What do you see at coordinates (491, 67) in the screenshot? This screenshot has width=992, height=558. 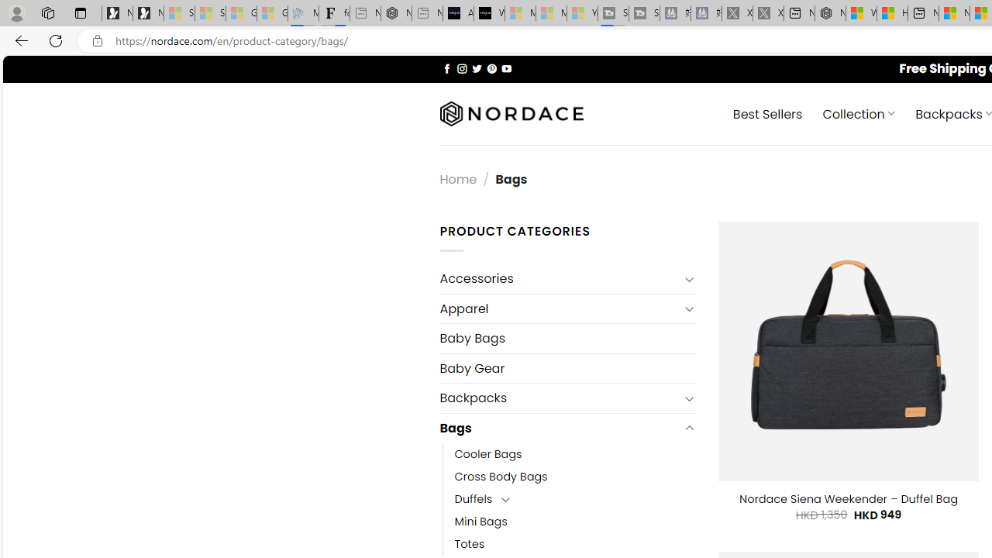 I see `'Follow on Pinterest'` at bounding box center [491, 67].